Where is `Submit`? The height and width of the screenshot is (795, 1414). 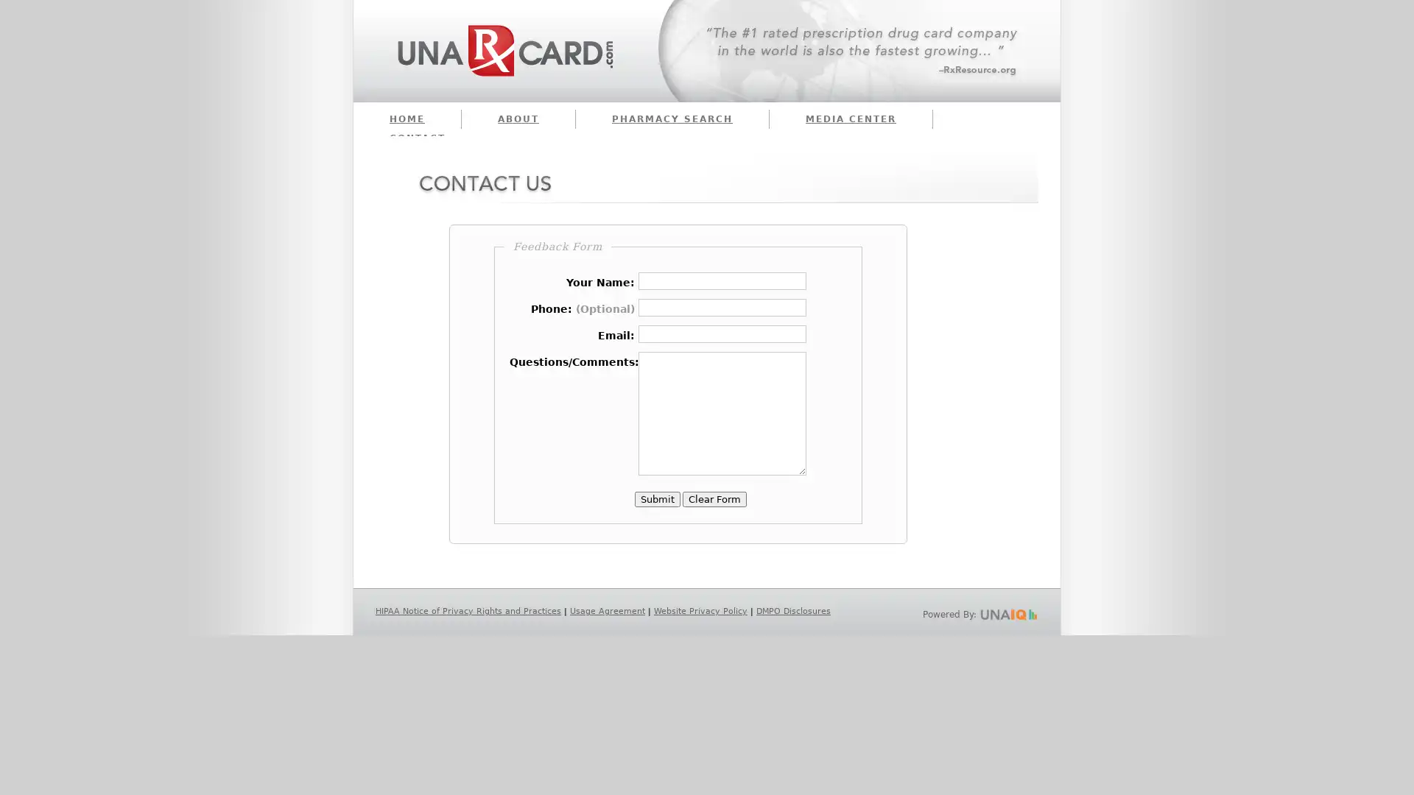 Submit is located at coordinates (656, 498).